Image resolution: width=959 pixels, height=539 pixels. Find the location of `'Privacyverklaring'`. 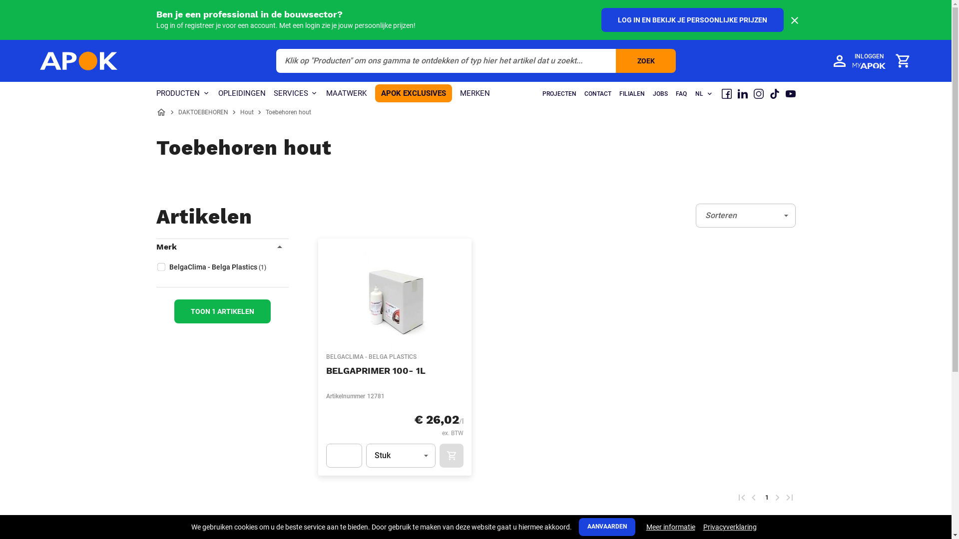

'Privacyverklaring' is located at coordinates (730, 527).